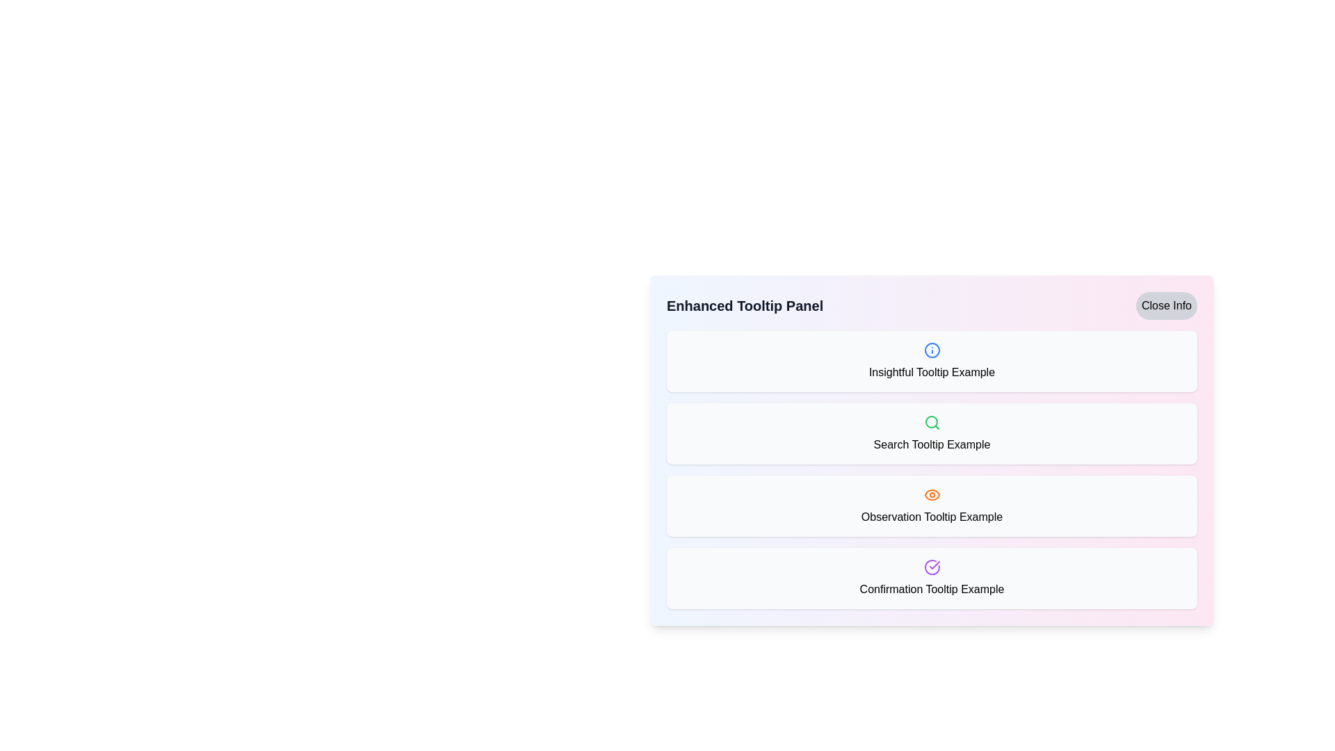 The height and width of the screenshot is (751, 1335). I want to click on description of the confirmation tooltip card, which is the fourth card in the vertical stack of the 'Enhanced Tooltip Panel' section, so click(932, 579).